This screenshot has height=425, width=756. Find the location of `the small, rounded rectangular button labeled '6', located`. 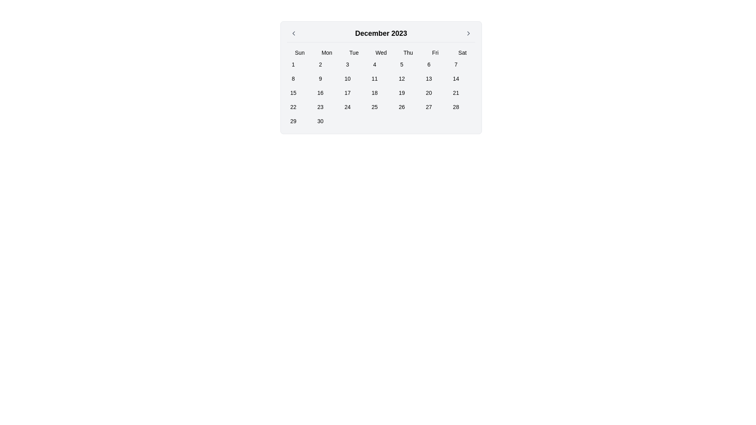

the small, rounded rectangular button labeled '6', located is located at coordinates (428, 64).